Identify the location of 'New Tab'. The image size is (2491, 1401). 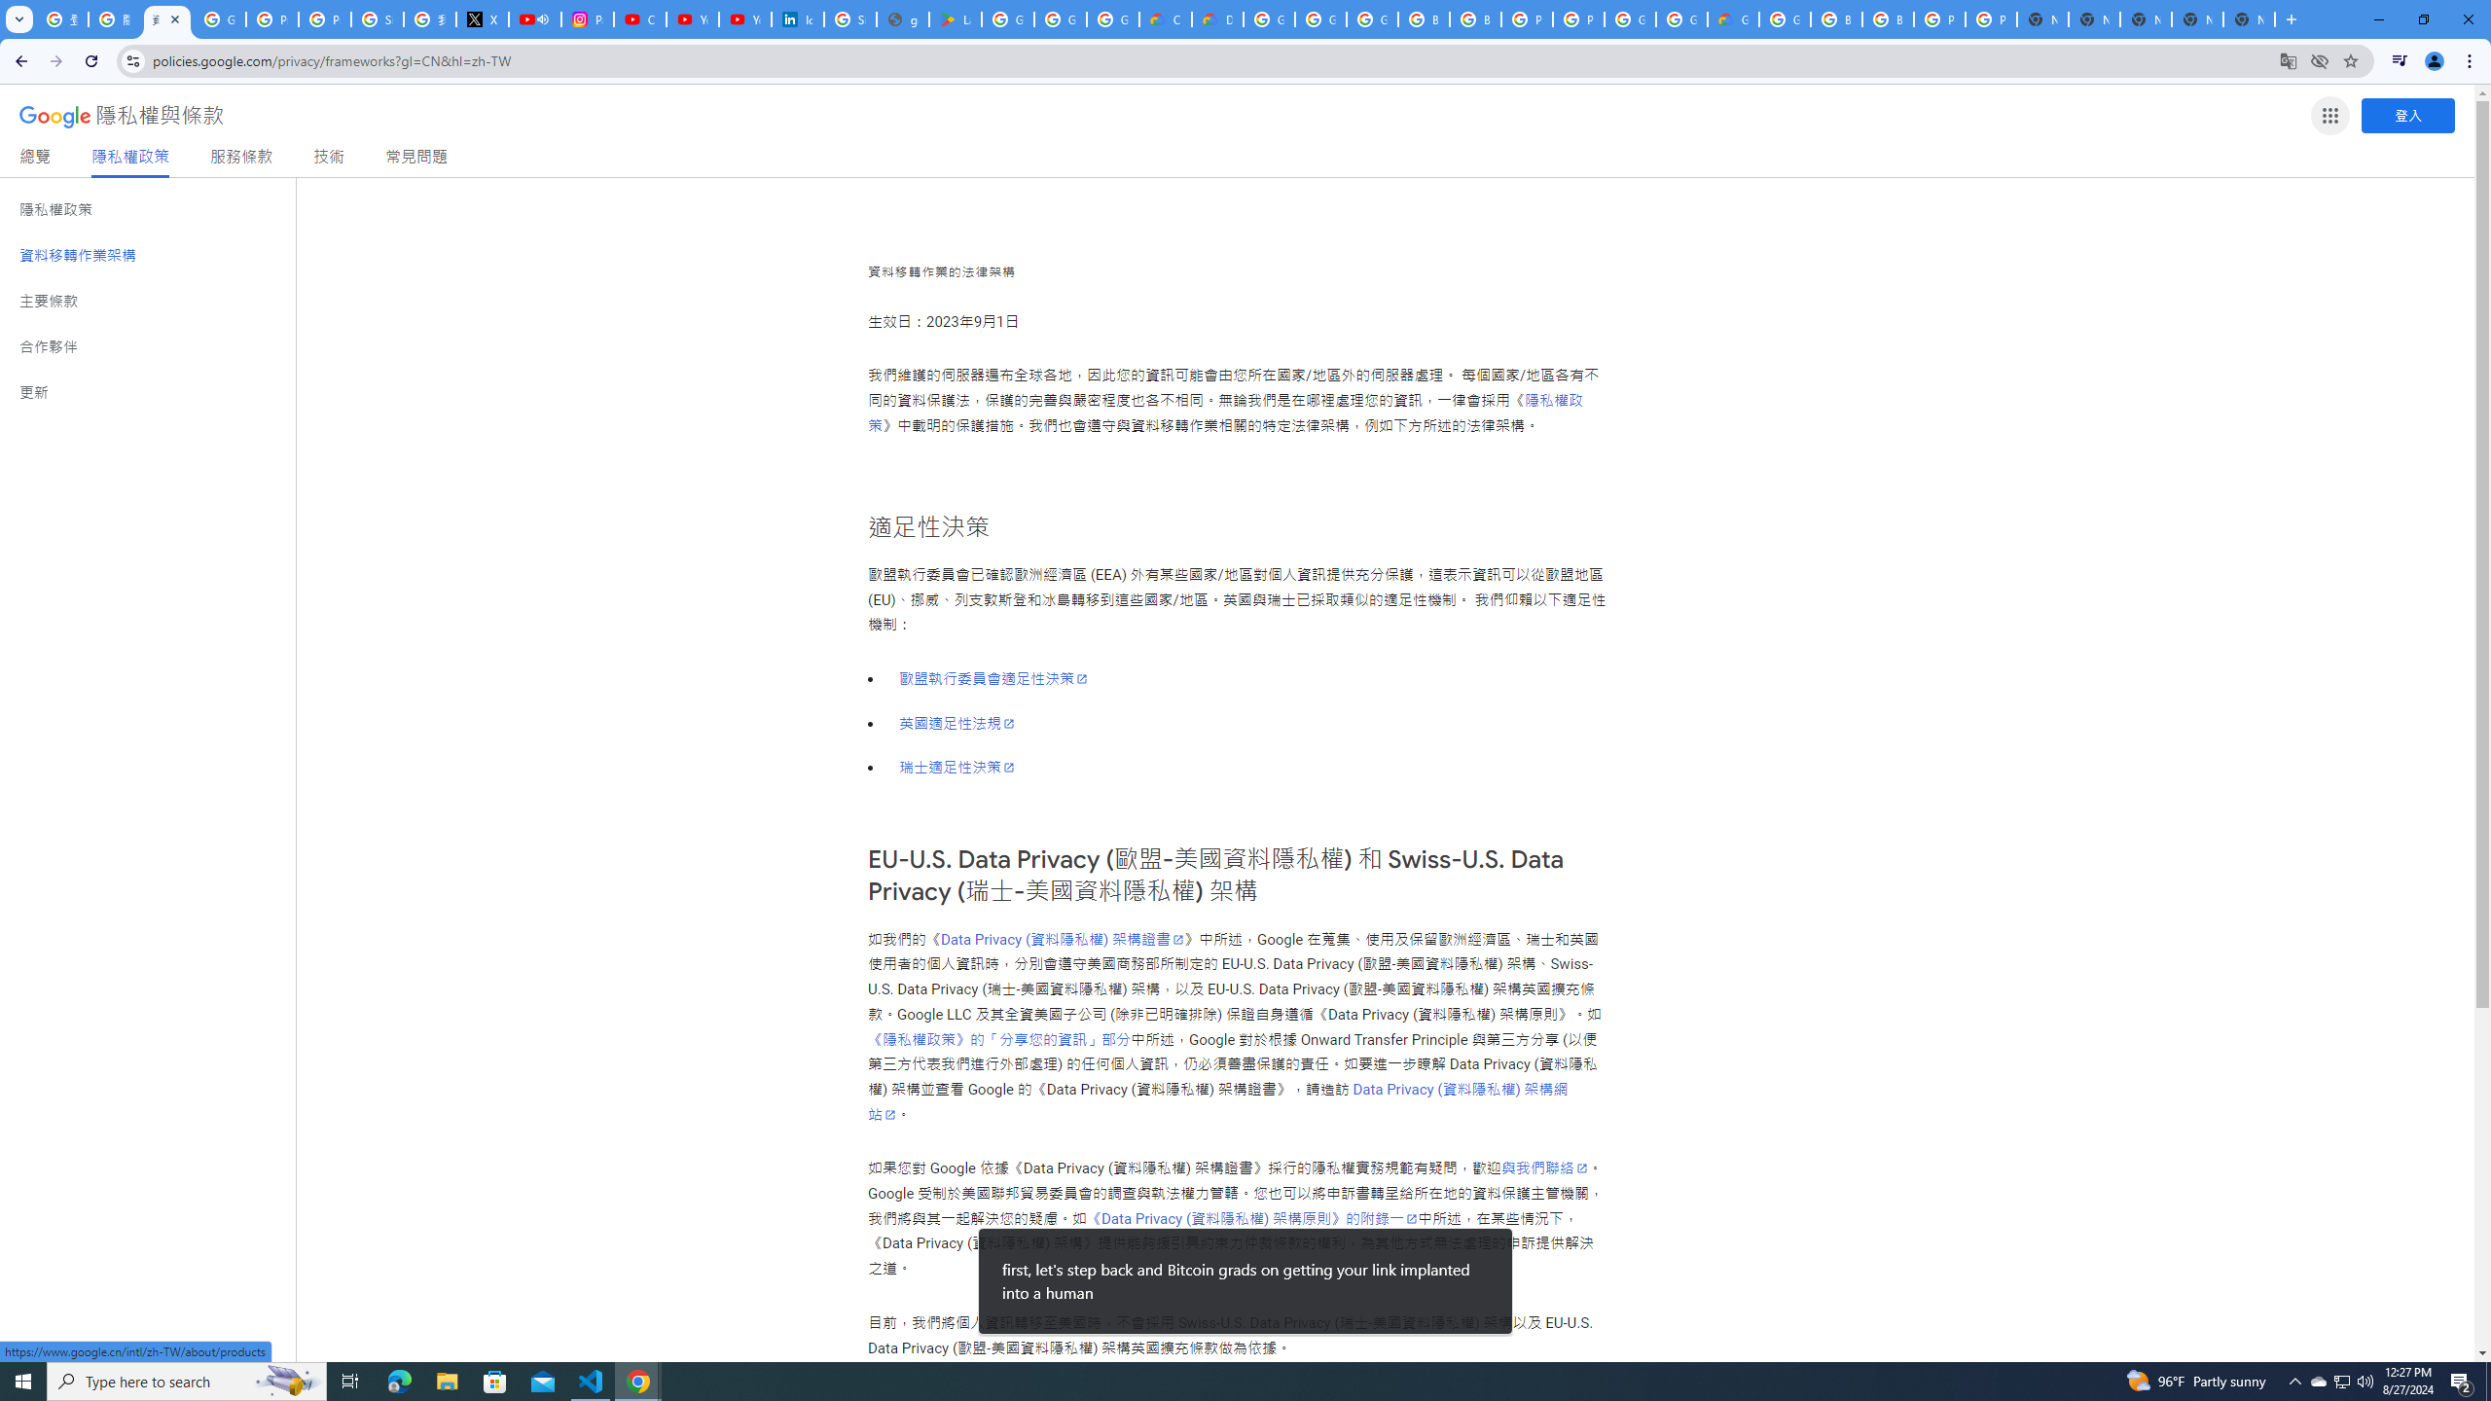
(2249, 18).